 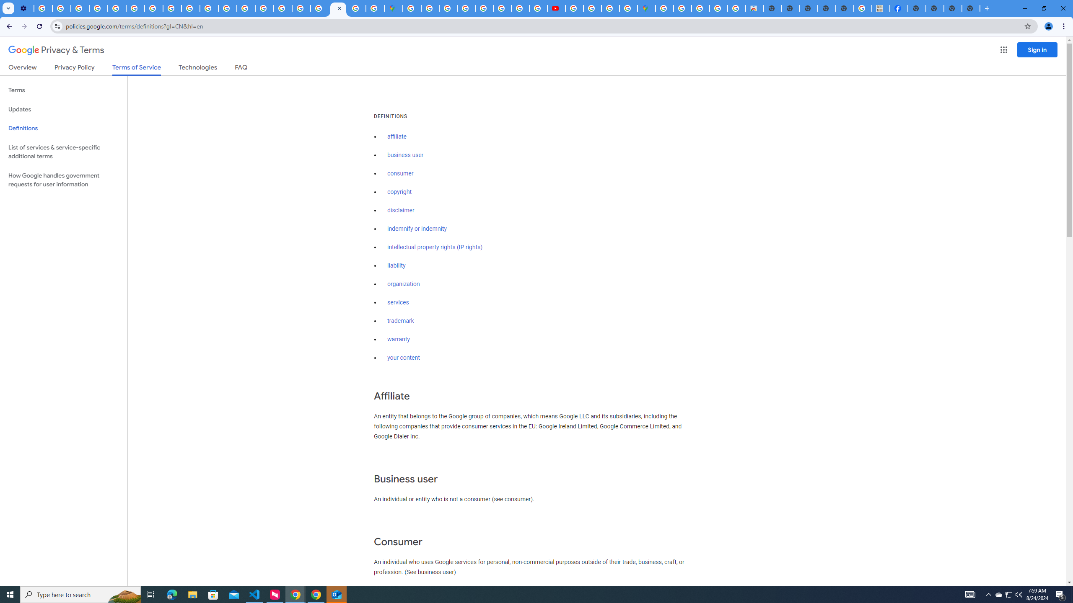 I want to click on 'Google Account Help', so click(x=98, y=8).